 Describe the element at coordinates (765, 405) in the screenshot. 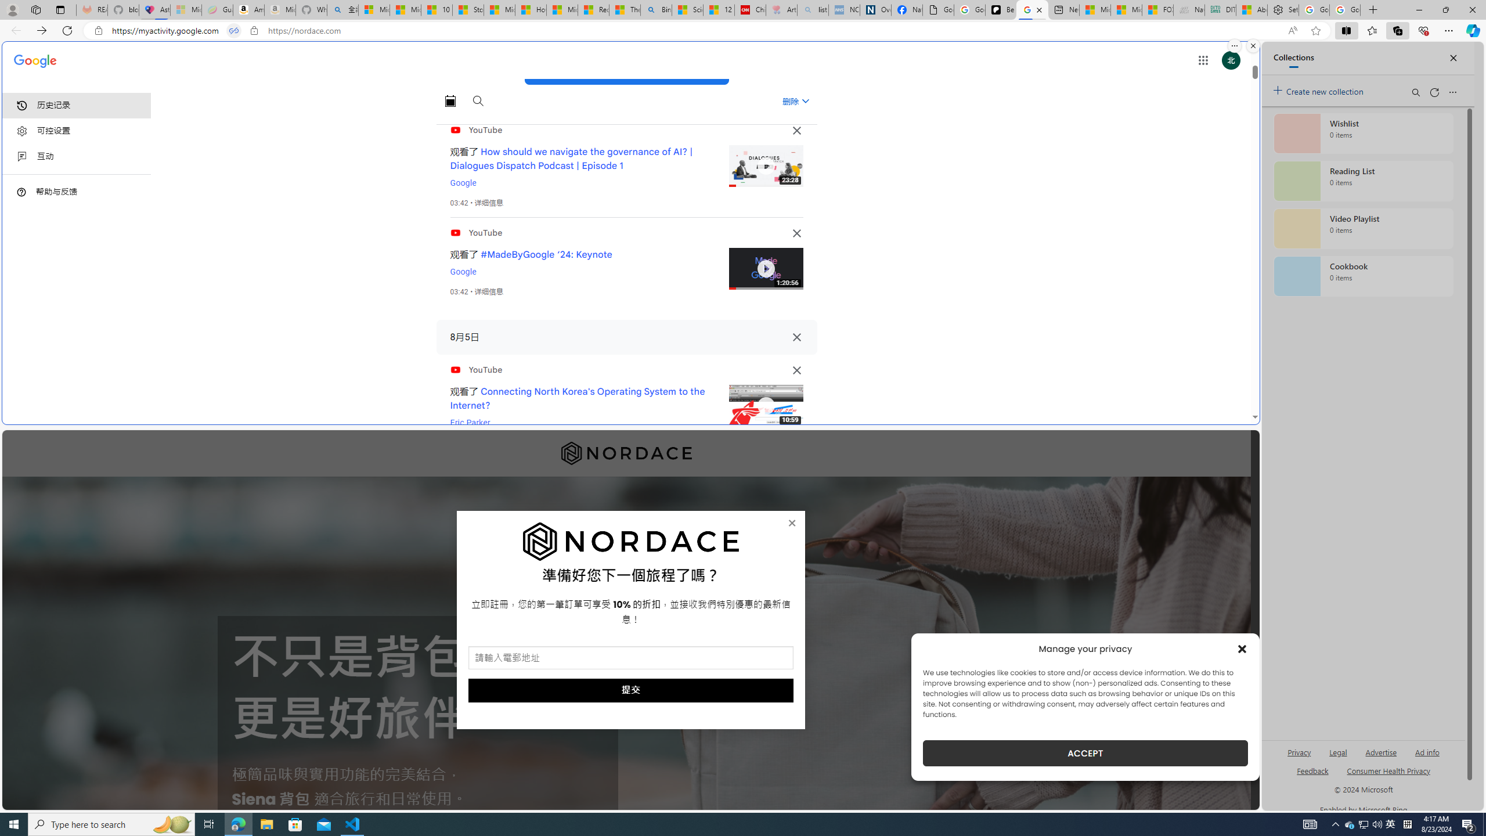

I see `'Class: IVR0f NMm5M'` at that location.